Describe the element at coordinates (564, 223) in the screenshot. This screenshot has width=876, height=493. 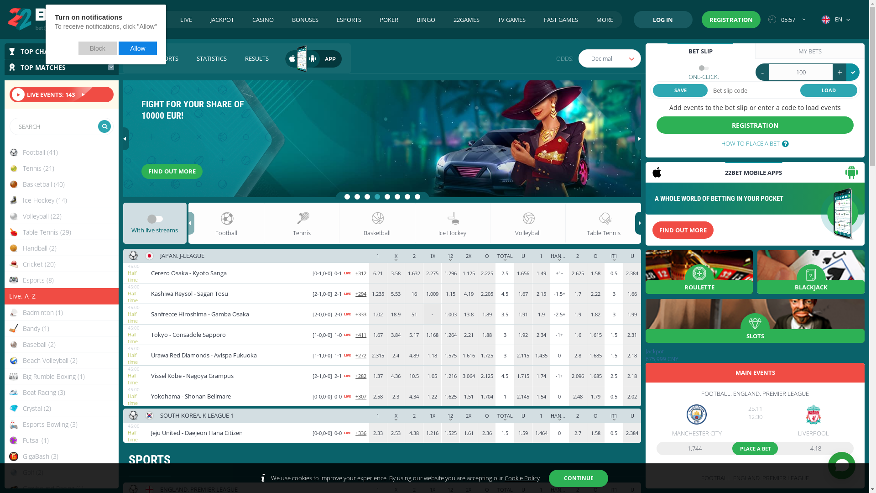
I see `'Table Tennis'` at that location.